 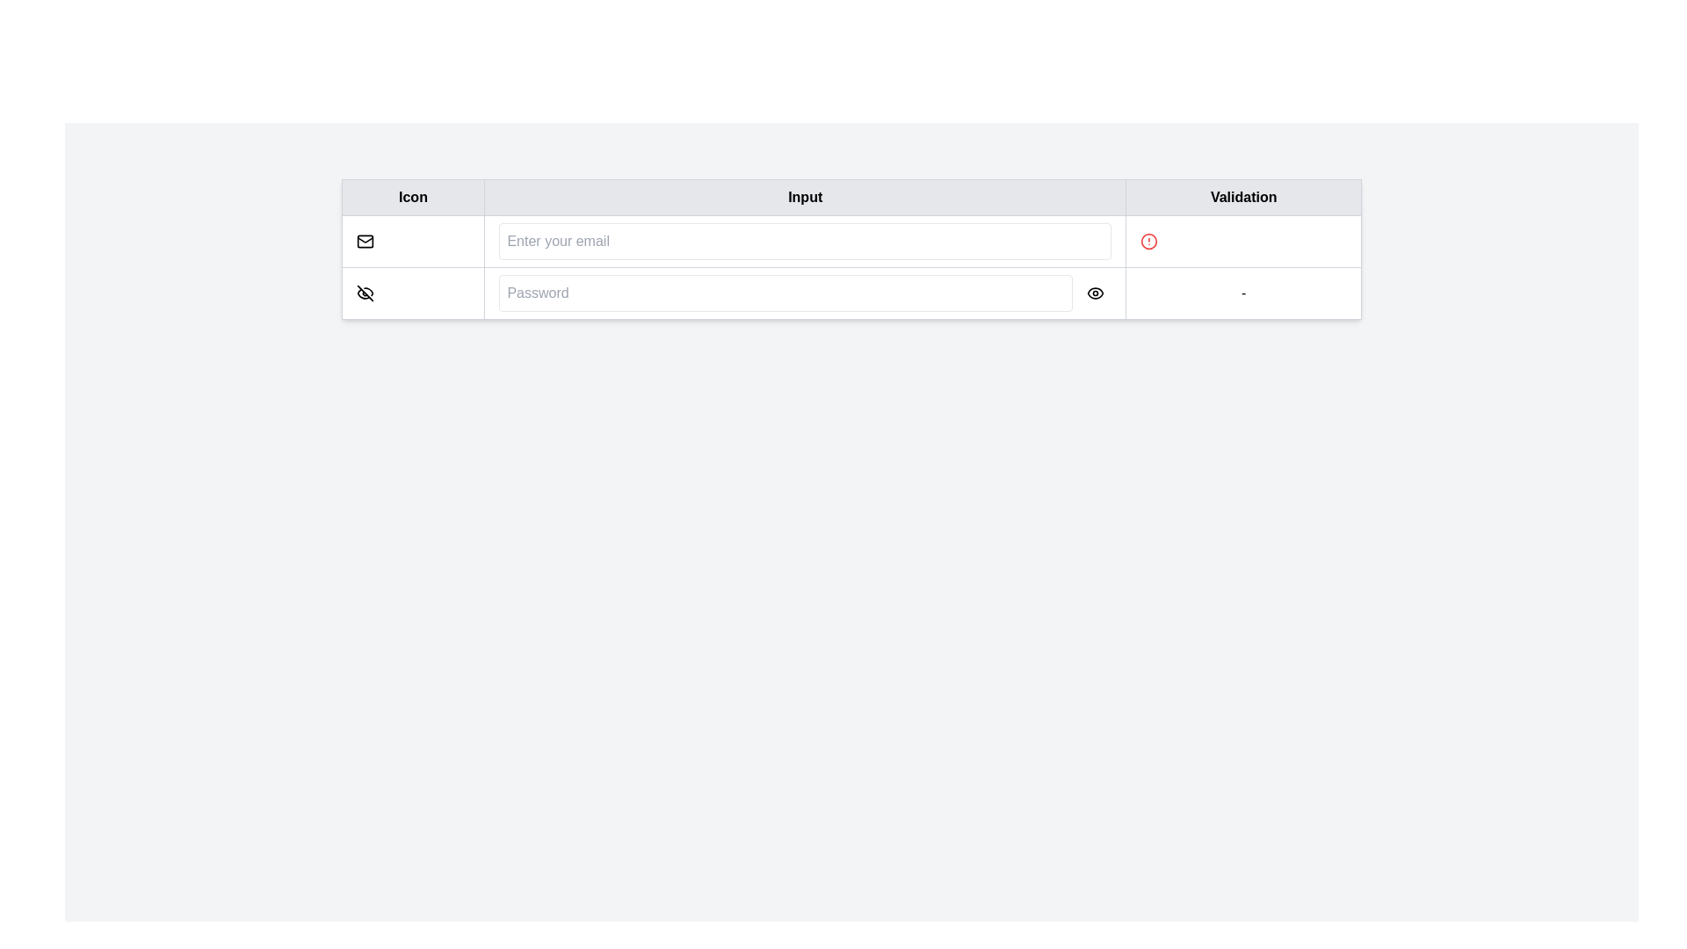 I want to click on the SVG circle element that represents a validation error or warning next to the 'Enter your email' input field in the 'Validation' column of the table, so click(x=1148, y=241).